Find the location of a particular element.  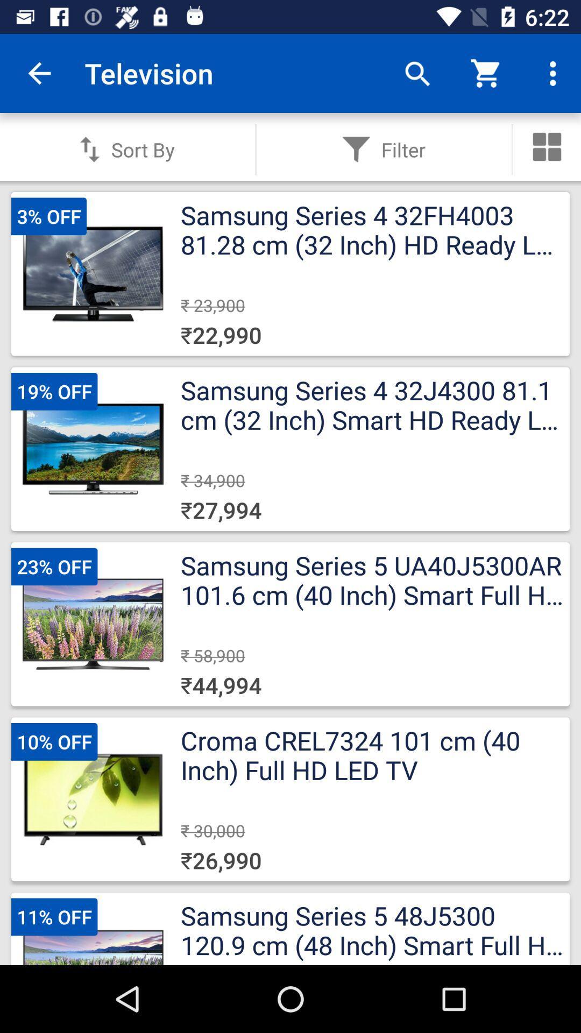

the icon next to the television is located at coordinates (39, 73).